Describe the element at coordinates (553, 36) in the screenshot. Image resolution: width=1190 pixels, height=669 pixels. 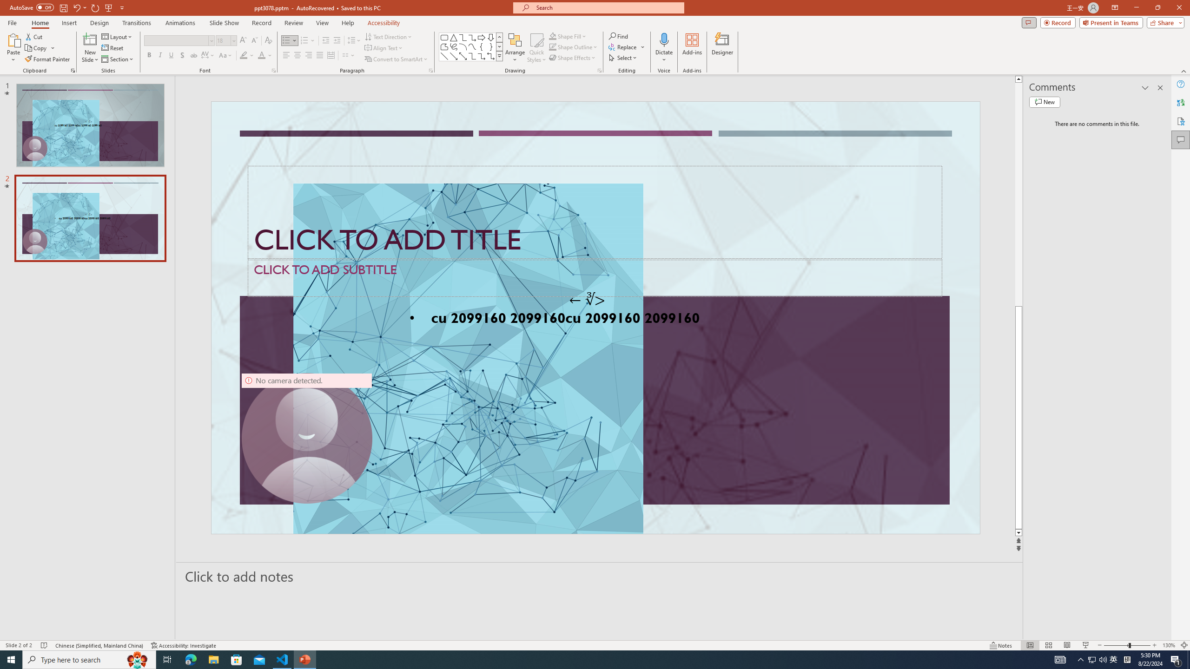
I see `'Shape Fill Dark Green, Accent 2'` at that location.